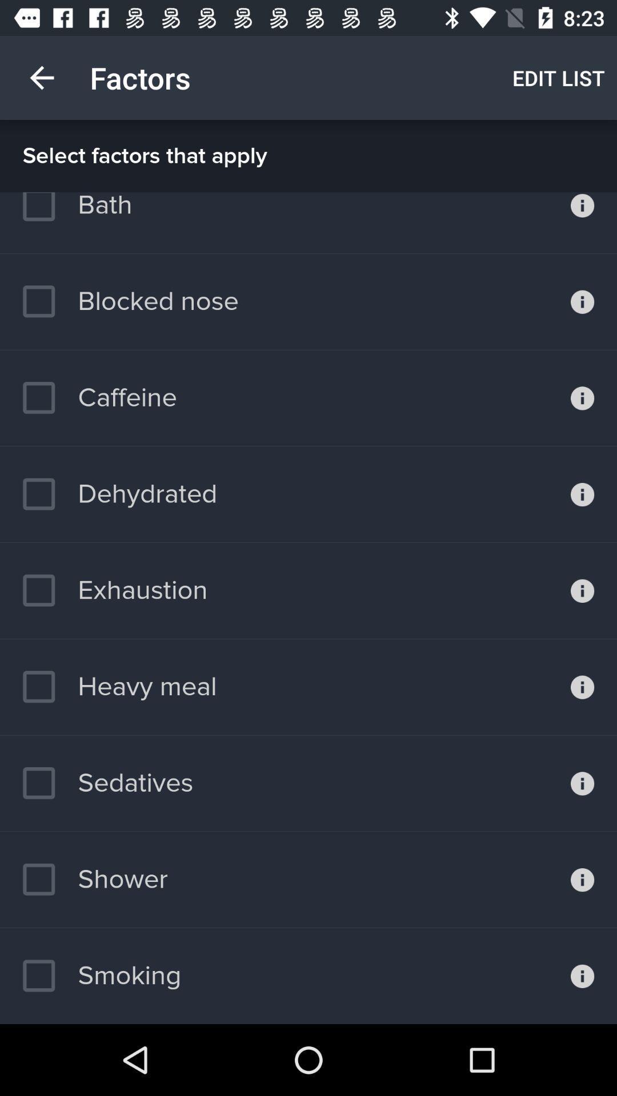 Image resolution: width=617 pixels, height=1096 pixels. What do you see at coordinates (130, 301) in the screenshot?
I see `item above the caffeine item` at bounding box center [130, 301].